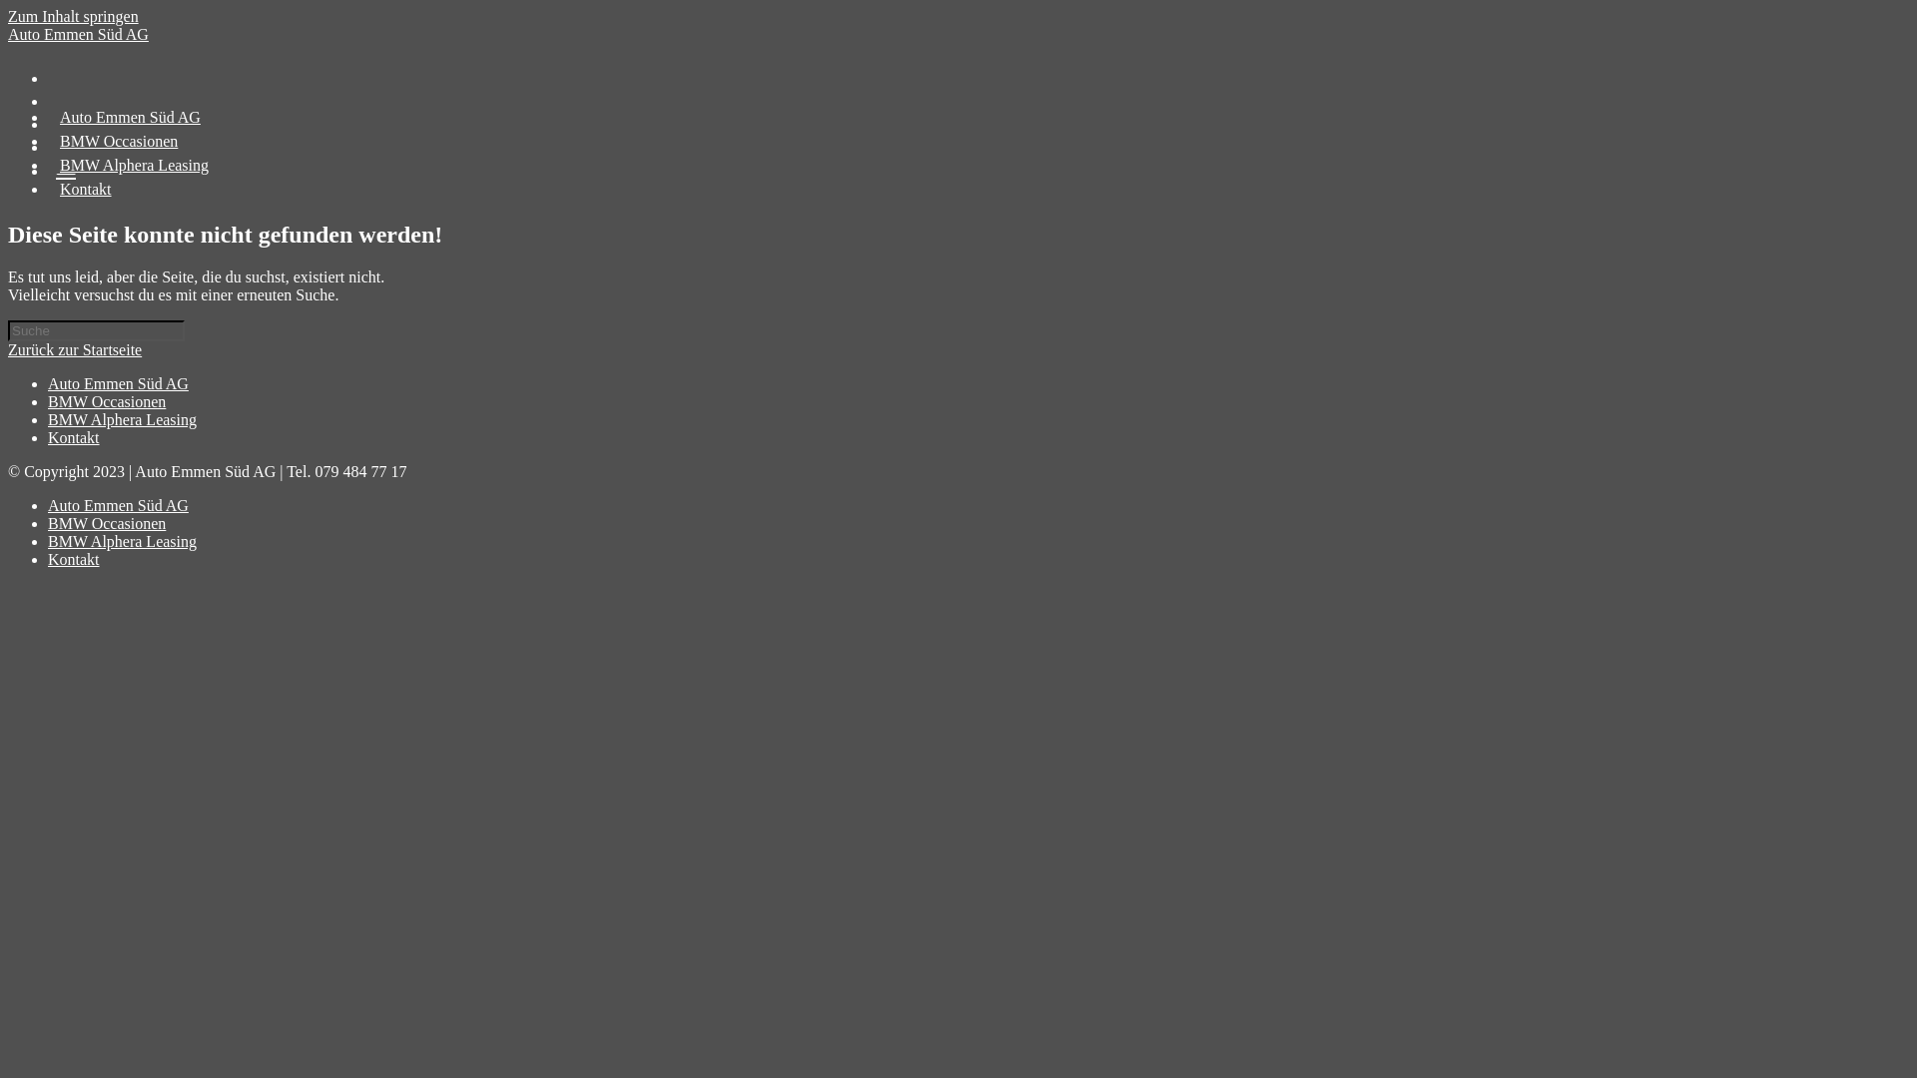  Describe the element at coordinates (73, 436) in the screenshot. I see `'Kontakt'` at that location.